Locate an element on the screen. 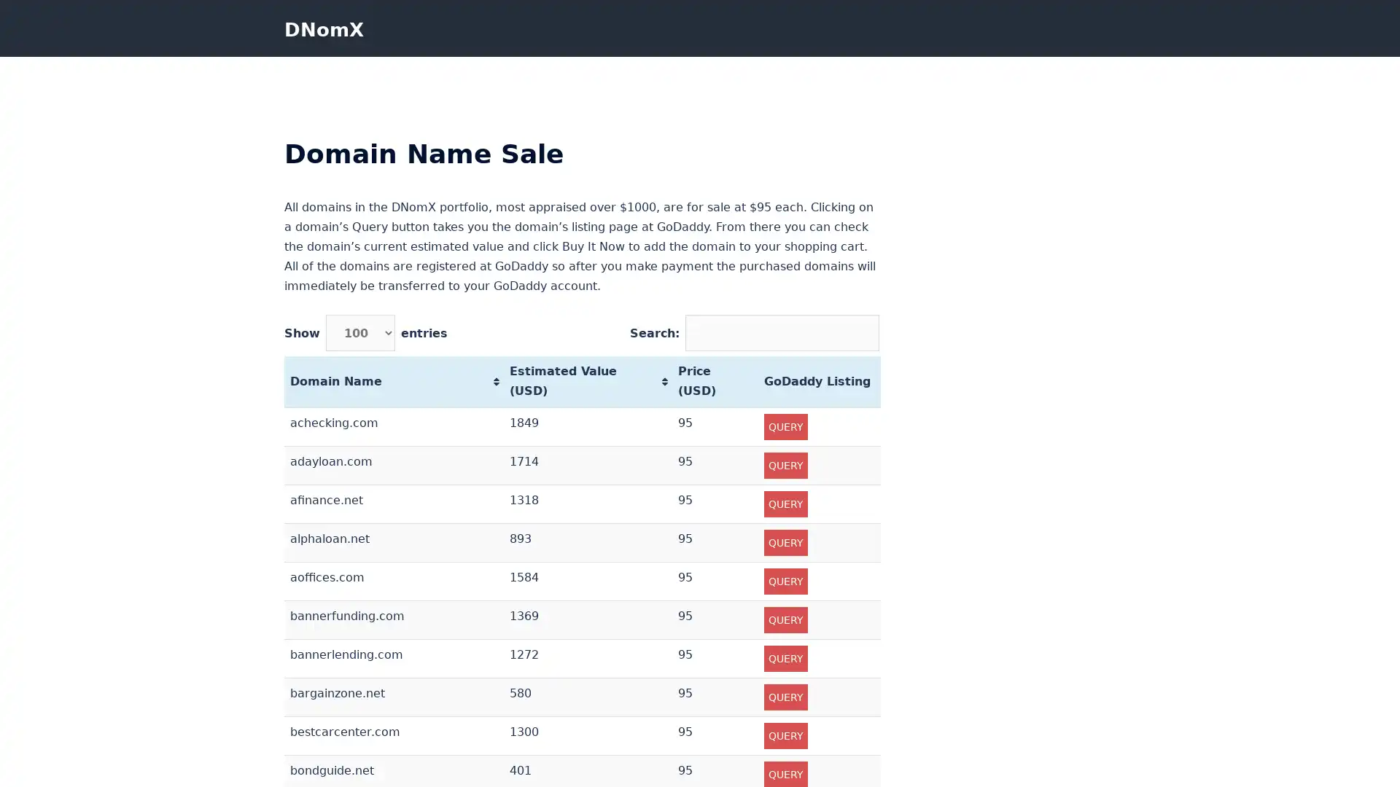  QUERY is located at coordinates (784, 503).